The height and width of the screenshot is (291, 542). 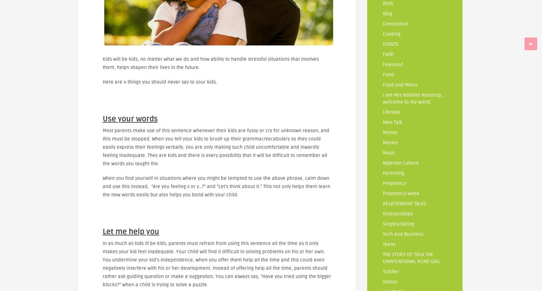 I want to click on 'Faith', so click(x=388, y=54).